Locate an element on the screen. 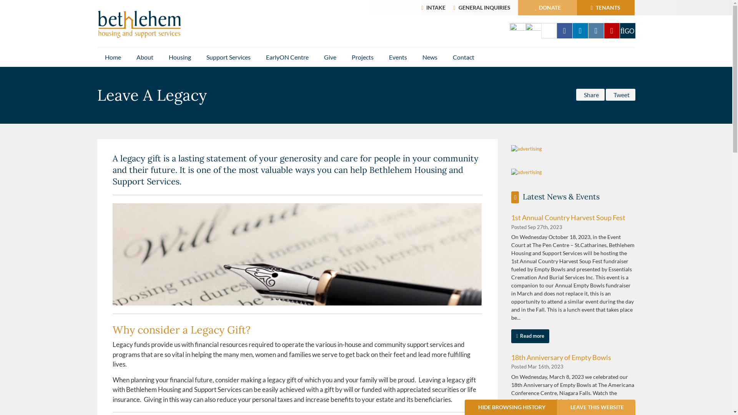 Image resolution: width=738 pixels, height=415 pixels. 'Events' is located at coordinates (398, 57).